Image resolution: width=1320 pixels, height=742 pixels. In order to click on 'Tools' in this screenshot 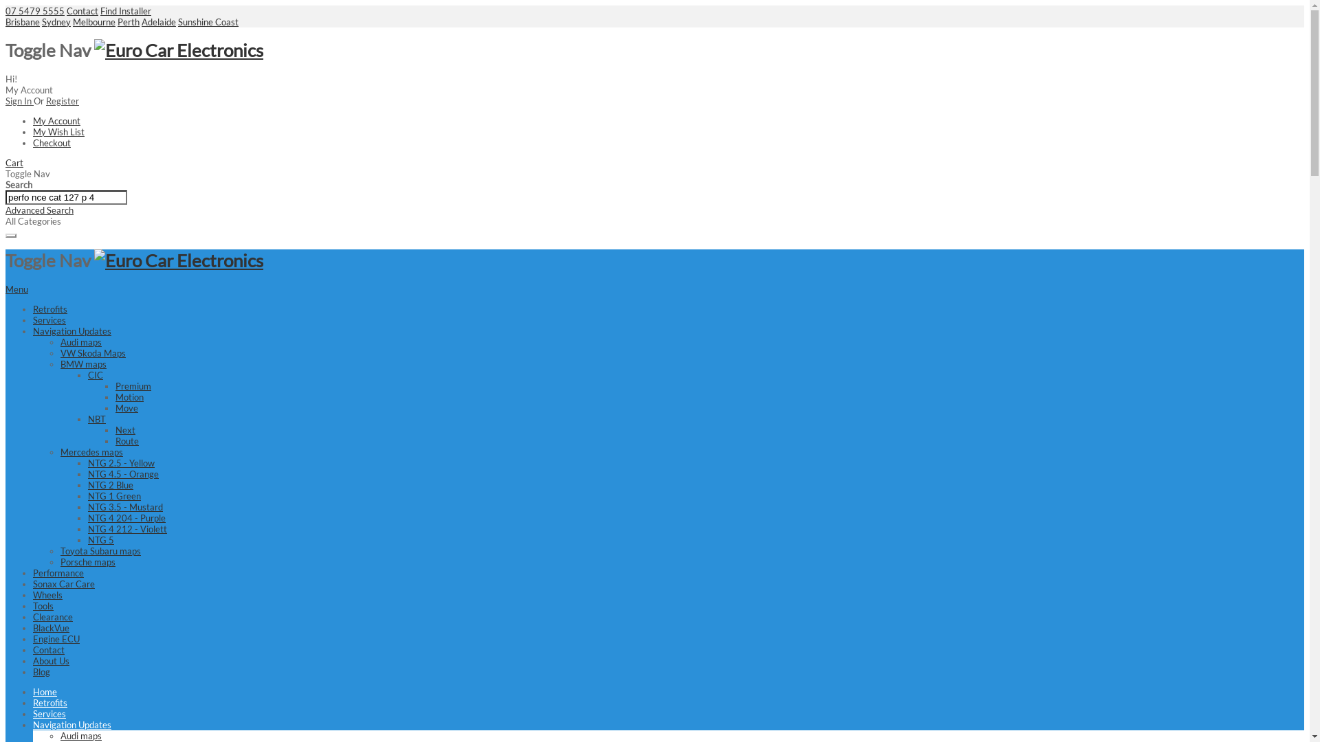, I will do `click(43, 605)`.